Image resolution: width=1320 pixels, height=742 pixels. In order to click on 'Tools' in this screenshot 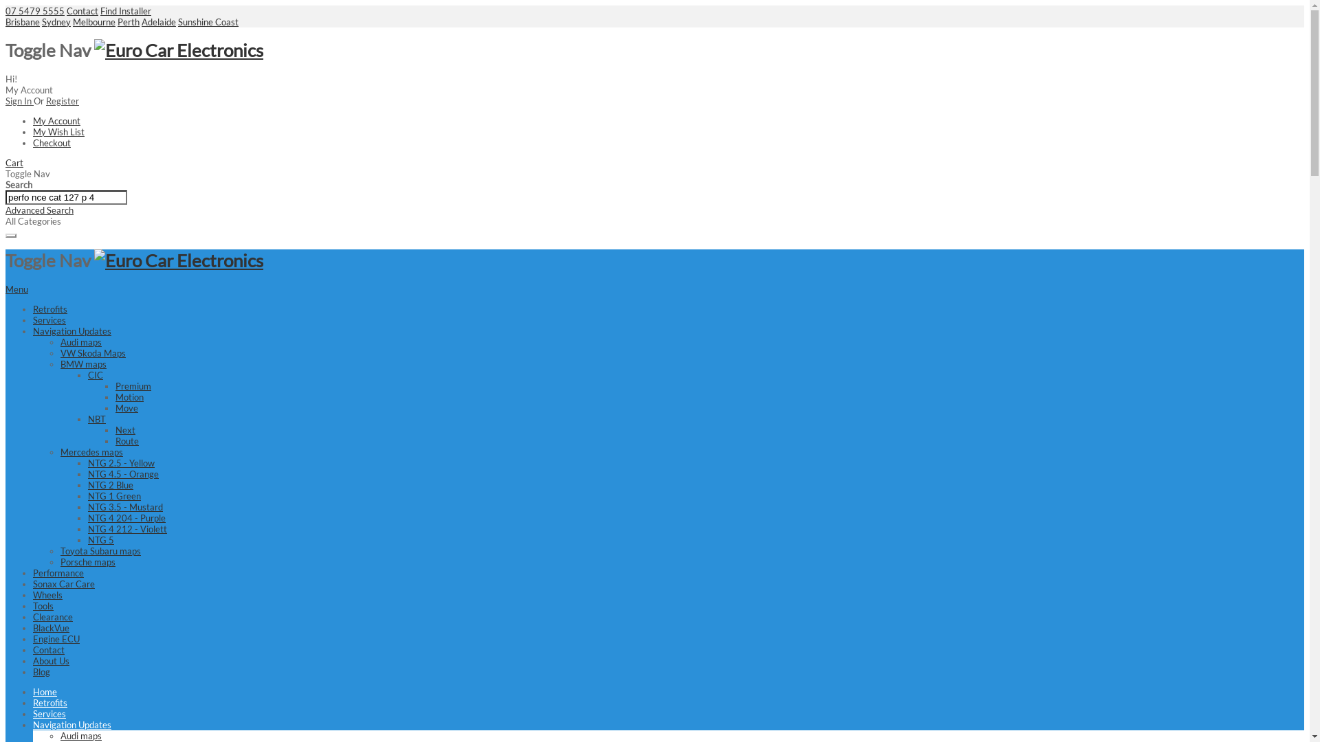, I will do `click(43, 605)`.